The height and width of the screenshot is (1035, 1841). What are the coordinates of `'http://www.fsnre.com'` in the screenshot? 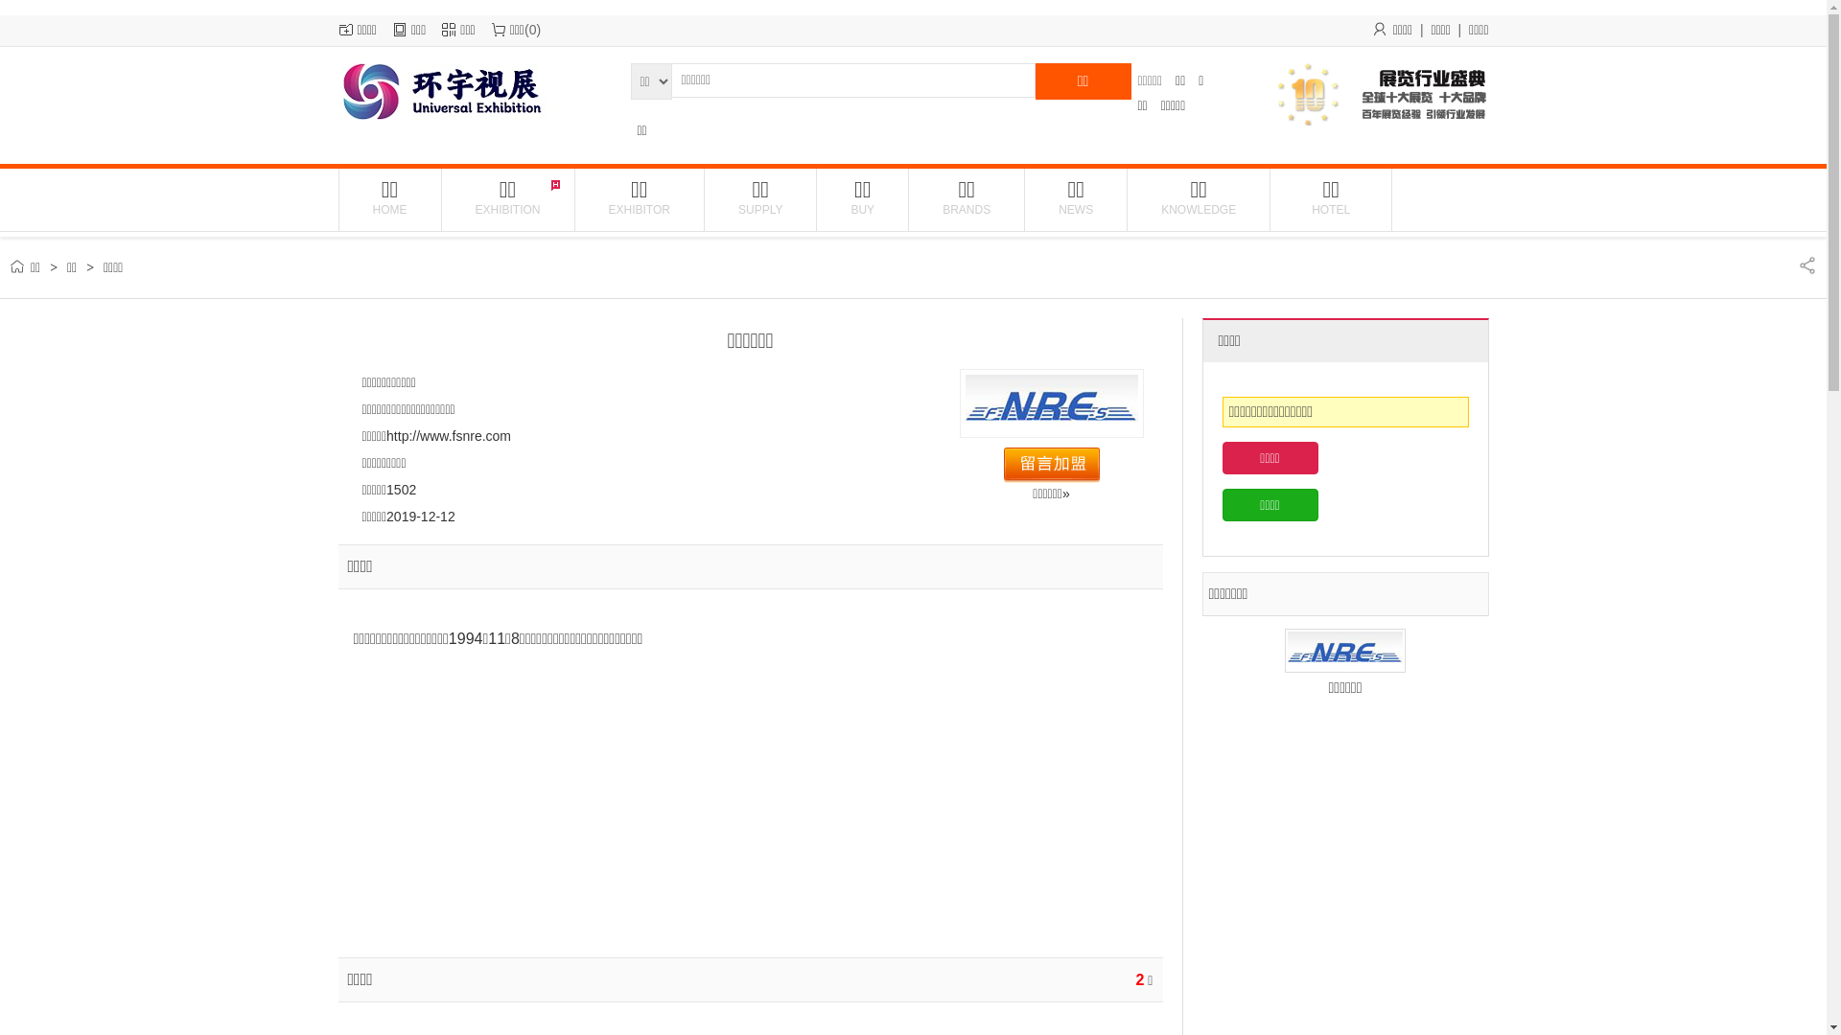 It's located at (447, 436).